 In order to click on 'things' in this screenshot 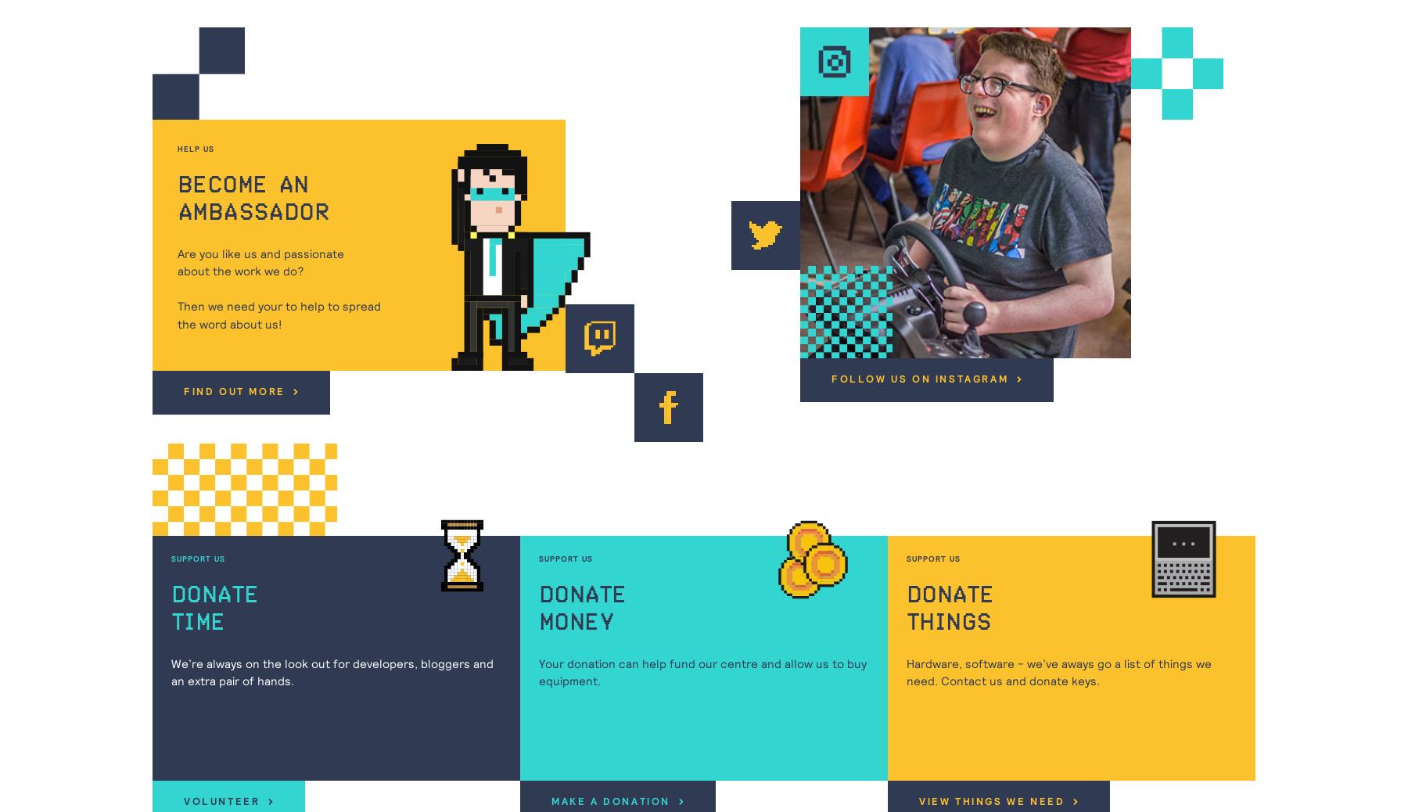, I will do `click(906, 623)`.